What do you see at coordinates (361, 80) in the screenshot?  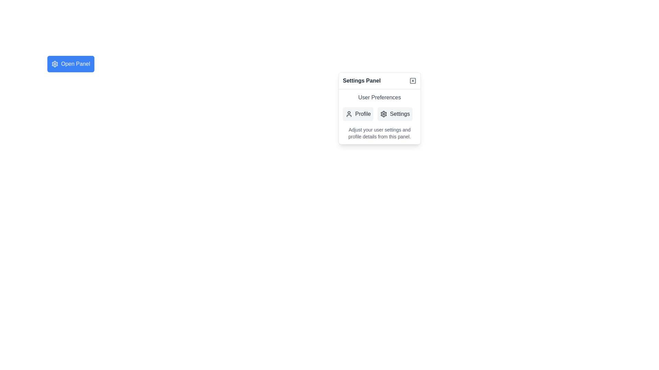 I see `the static text label located in the header section of the settings card, which serves as the title for the section` at bounding box center [361, 80].